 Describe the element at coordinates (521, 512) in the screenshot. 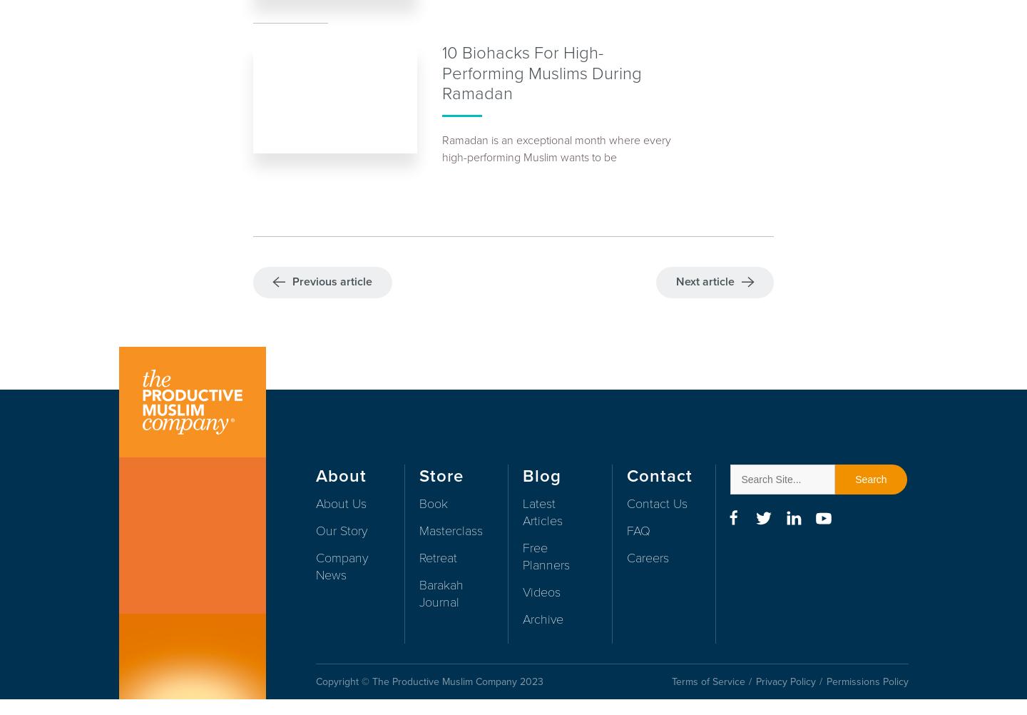

I see `'Latest Articles'` at that location.